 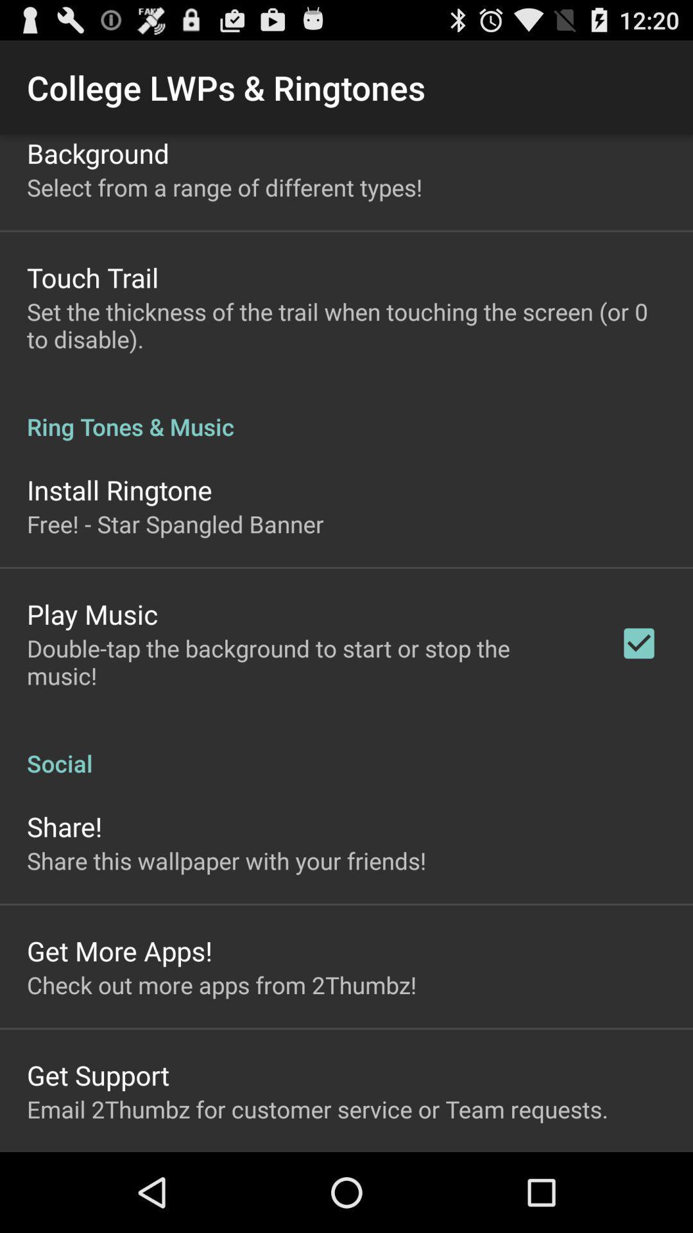 I want to click on set the thickness item, so click(x=346, y=325).